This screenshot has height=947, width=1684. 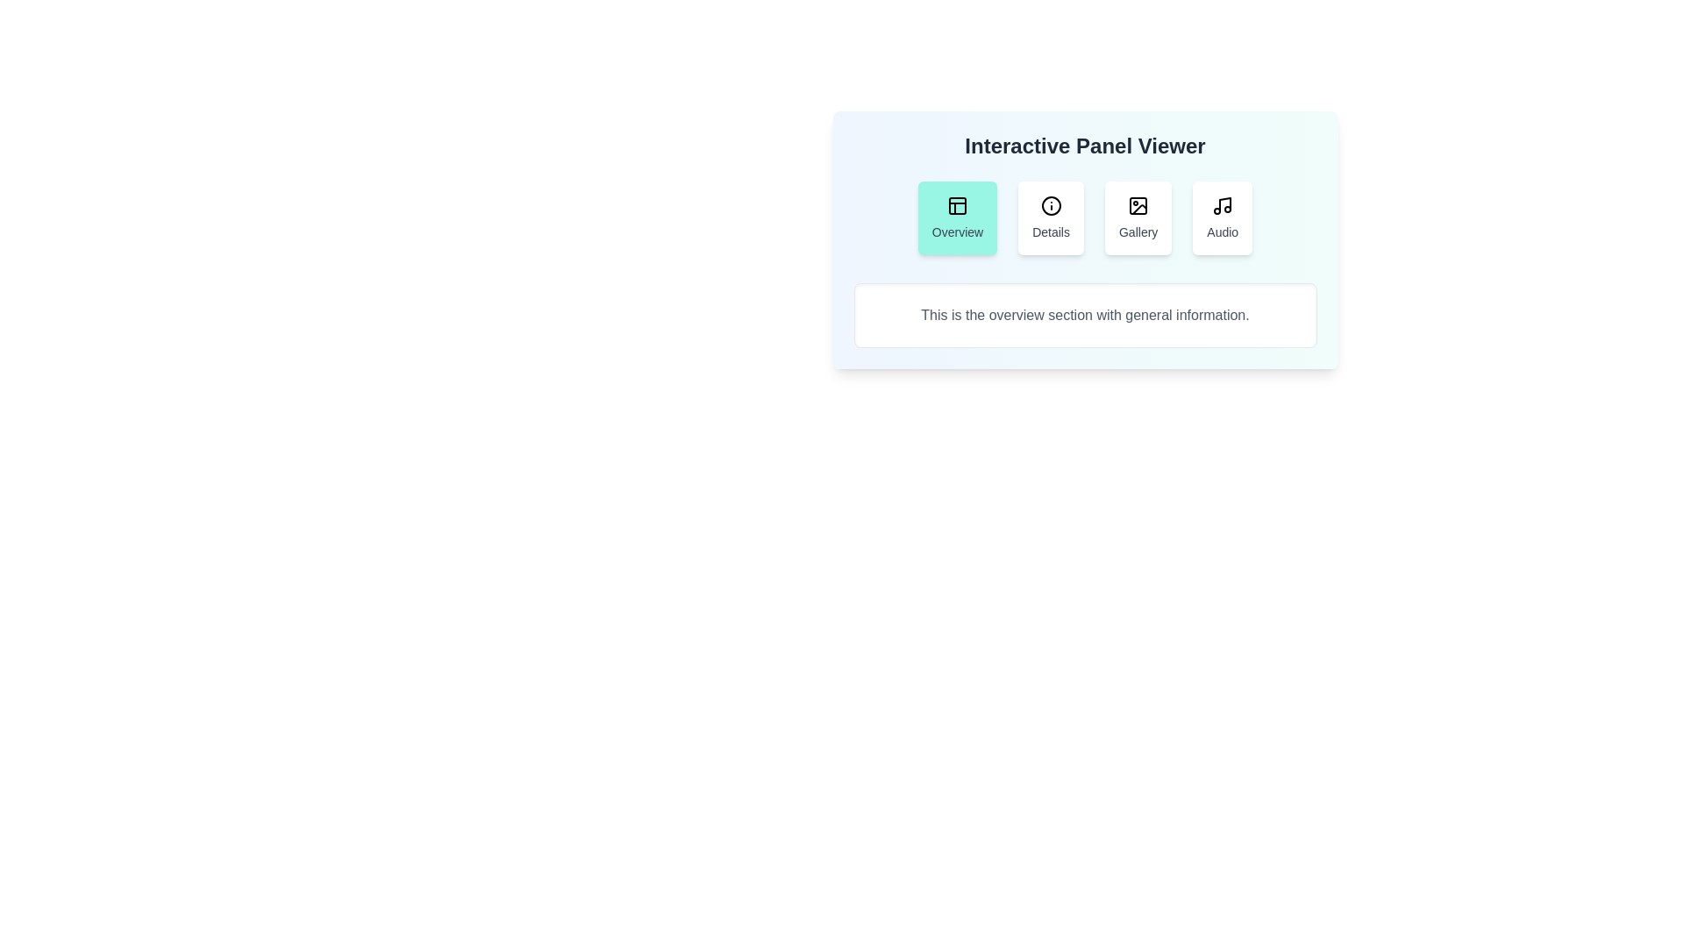 I want to click on the rightmost button below the title 'Interactive Panel Viewer', so click(x=1222, y=217).